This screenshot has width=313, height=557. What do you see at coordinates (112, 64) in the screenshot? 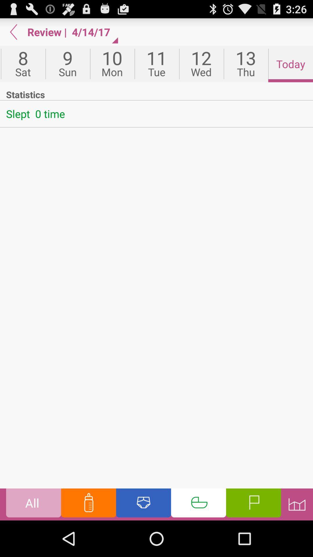
I see `the mon icon` at bounding box center [112, 64].